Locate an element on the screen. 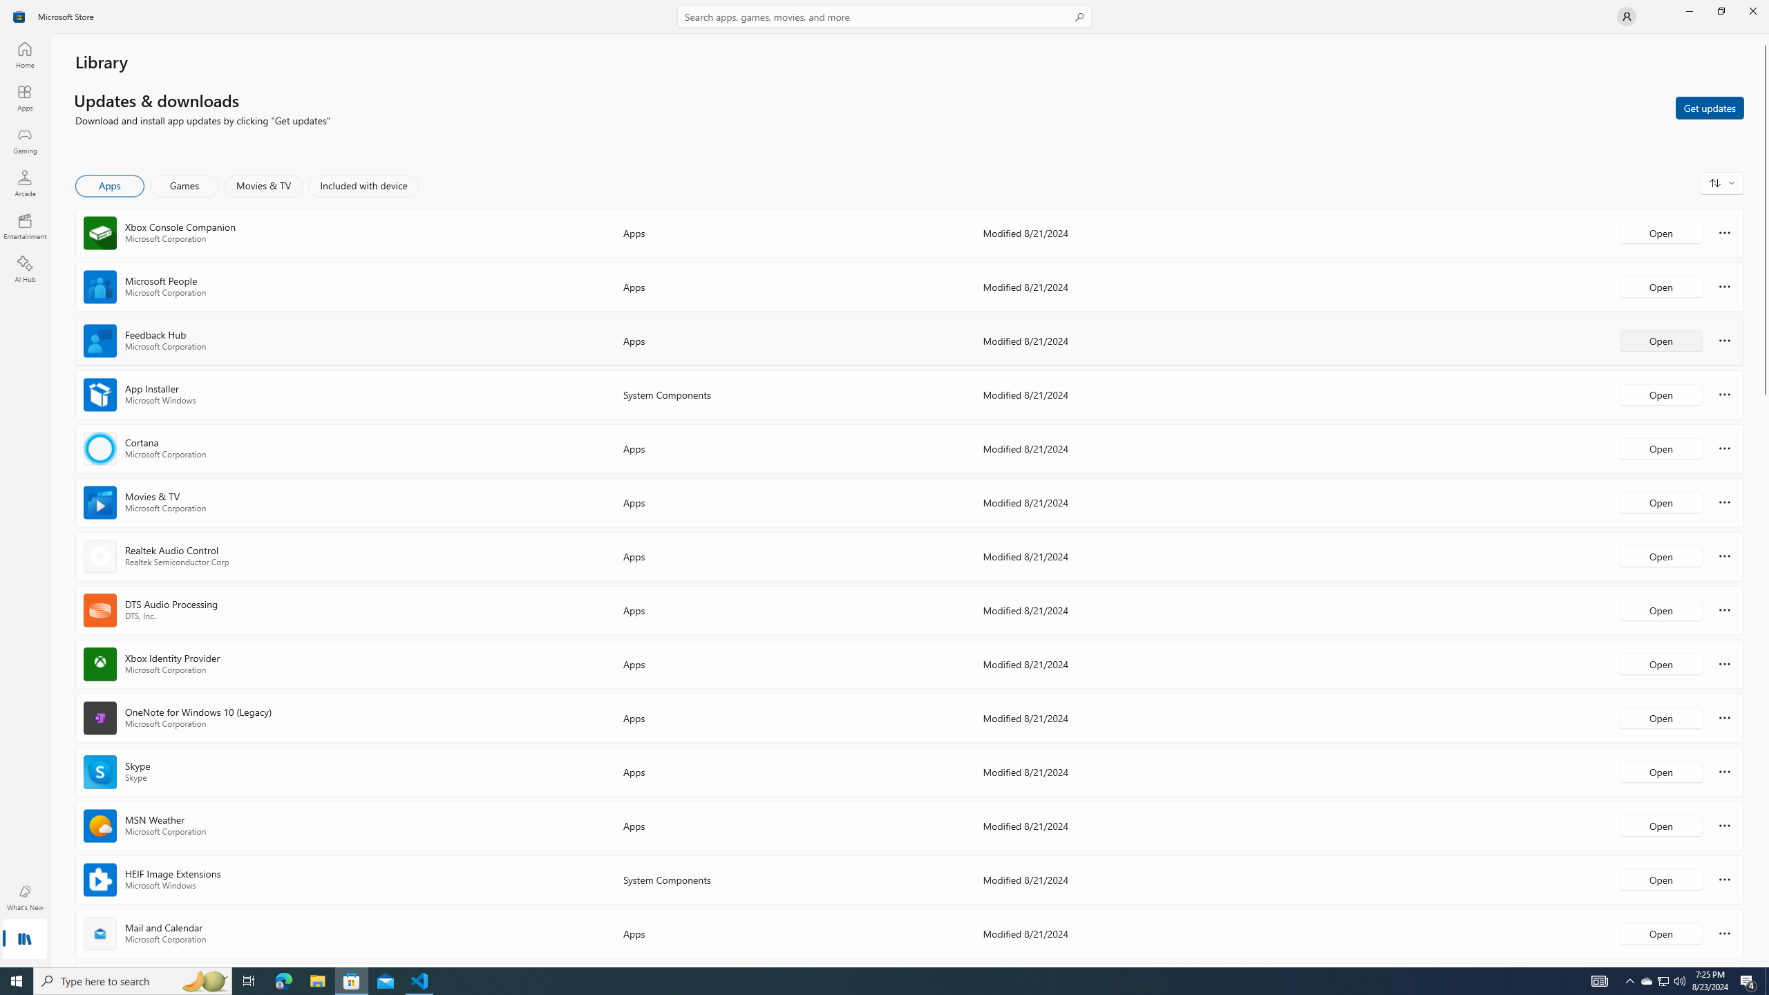  'User profile' is located at coordinates (1625, 15).